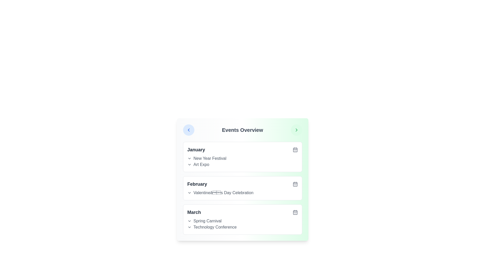  I want to click on the calendar icon for the month February, so click(295, 184).